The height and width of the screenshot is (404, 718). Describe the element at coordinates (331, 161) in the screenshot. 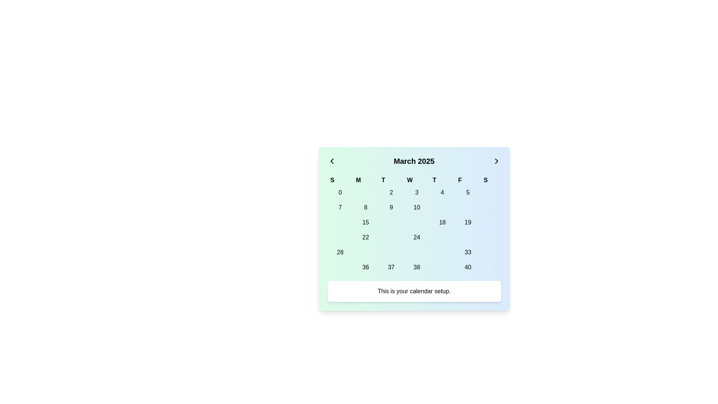

I see `the left chevron icon representing the navigation action to move backward in the calendar application` at that location.